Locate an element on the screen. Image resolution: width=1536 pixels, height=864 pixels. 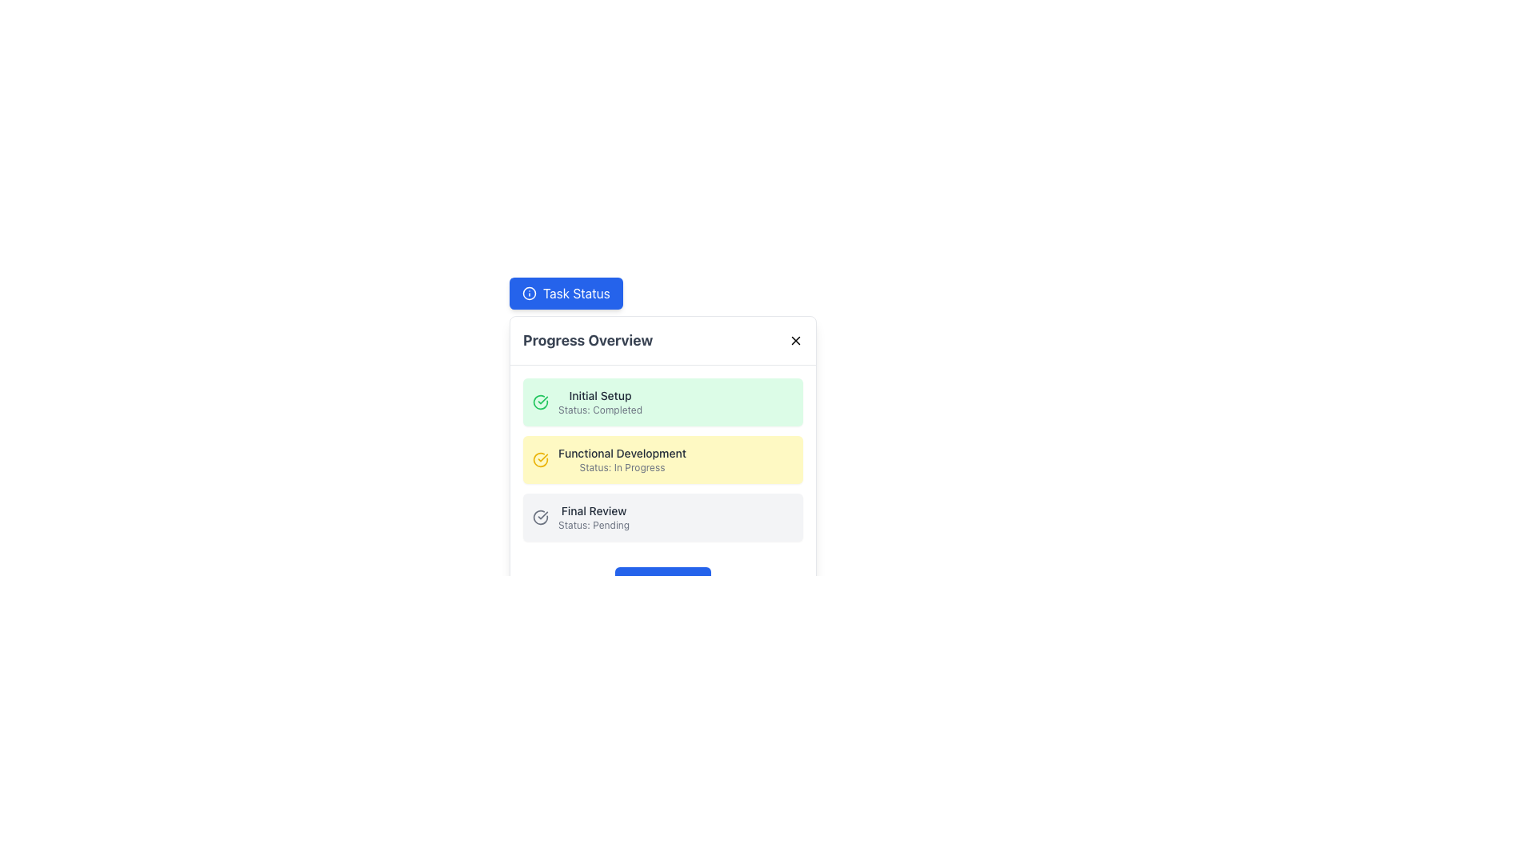
the SVG circle element located inside the SVG icon near the title 'Task Status' at the top left side of the progress overview dialog is located at coordinates (530, 293).